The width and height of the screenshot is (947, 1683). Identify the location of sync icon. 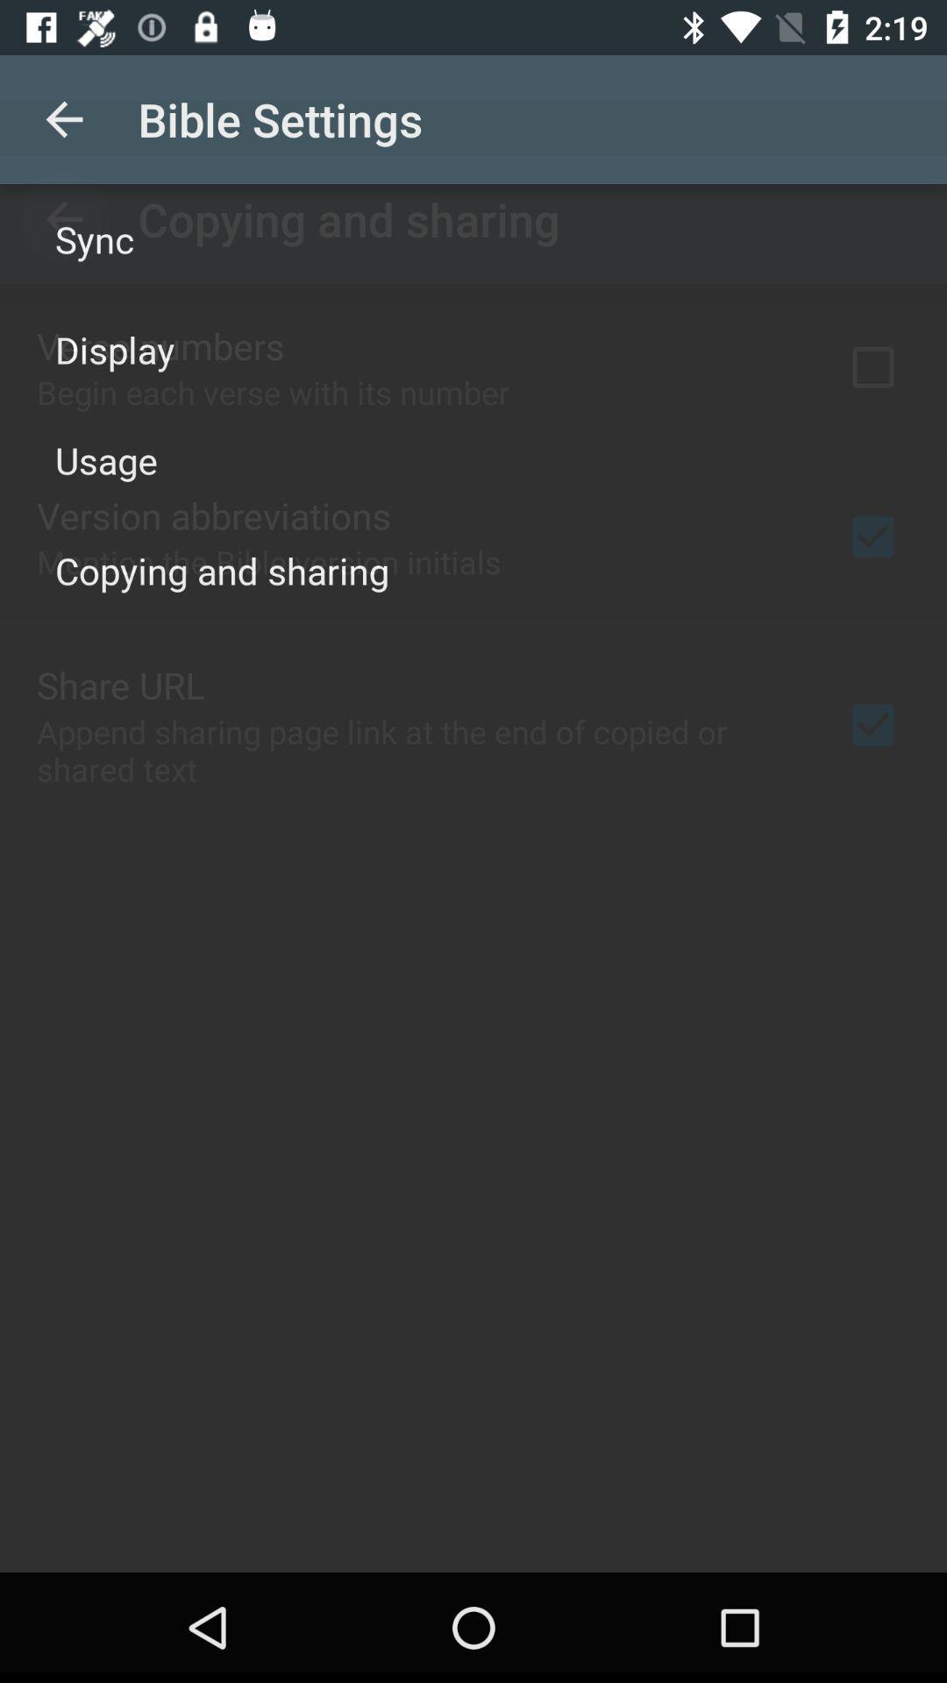
(95, 238).